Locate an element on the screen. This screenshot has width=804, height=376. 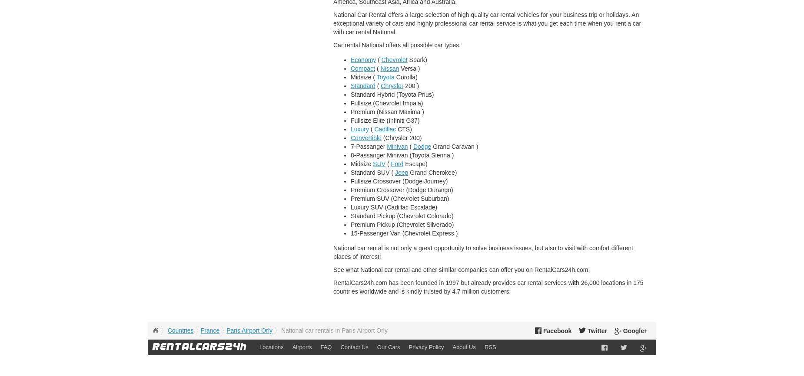
'Premium Crossover (Dodge Durango)' is located at coordinates (402, 190).